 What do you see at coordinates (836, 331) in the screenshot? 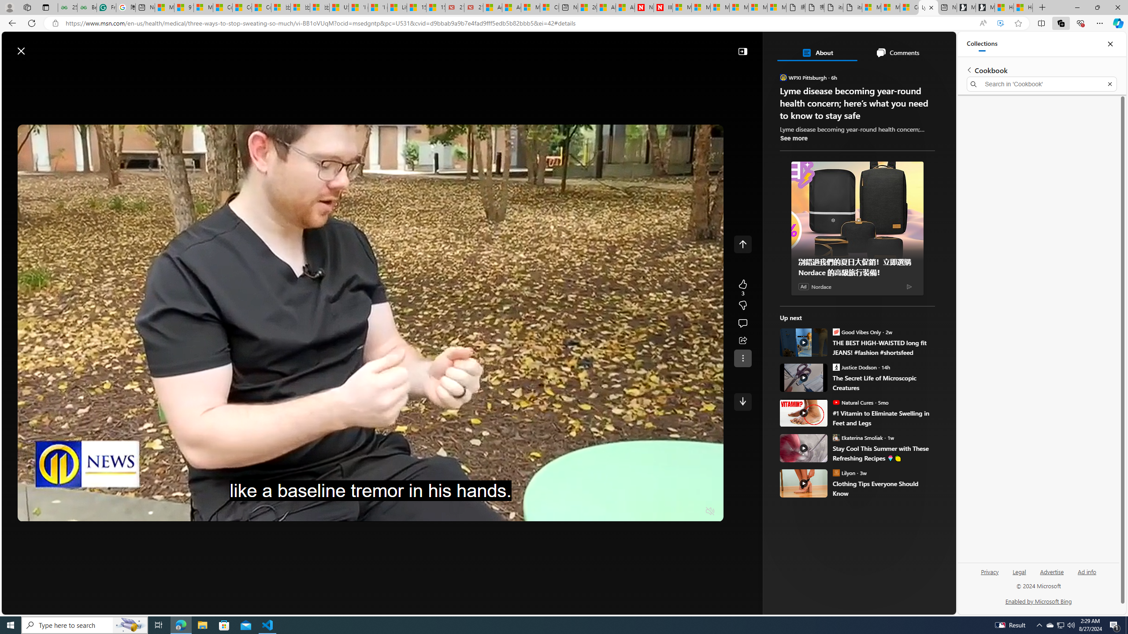
I see `'Good Vibes Only'` at bounding box center [836, 331].